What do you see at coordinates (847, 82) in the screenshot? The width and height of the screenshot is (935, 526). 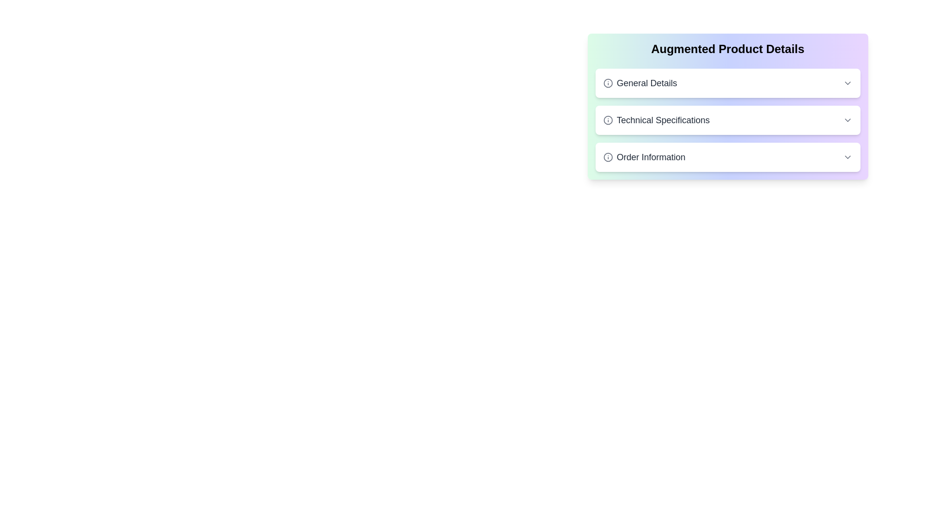 I see `the chevron down icon located at the far right of the row containing the 'General Details' label in the 'Augmented Product Details' section` at bounding box center [847, 82].